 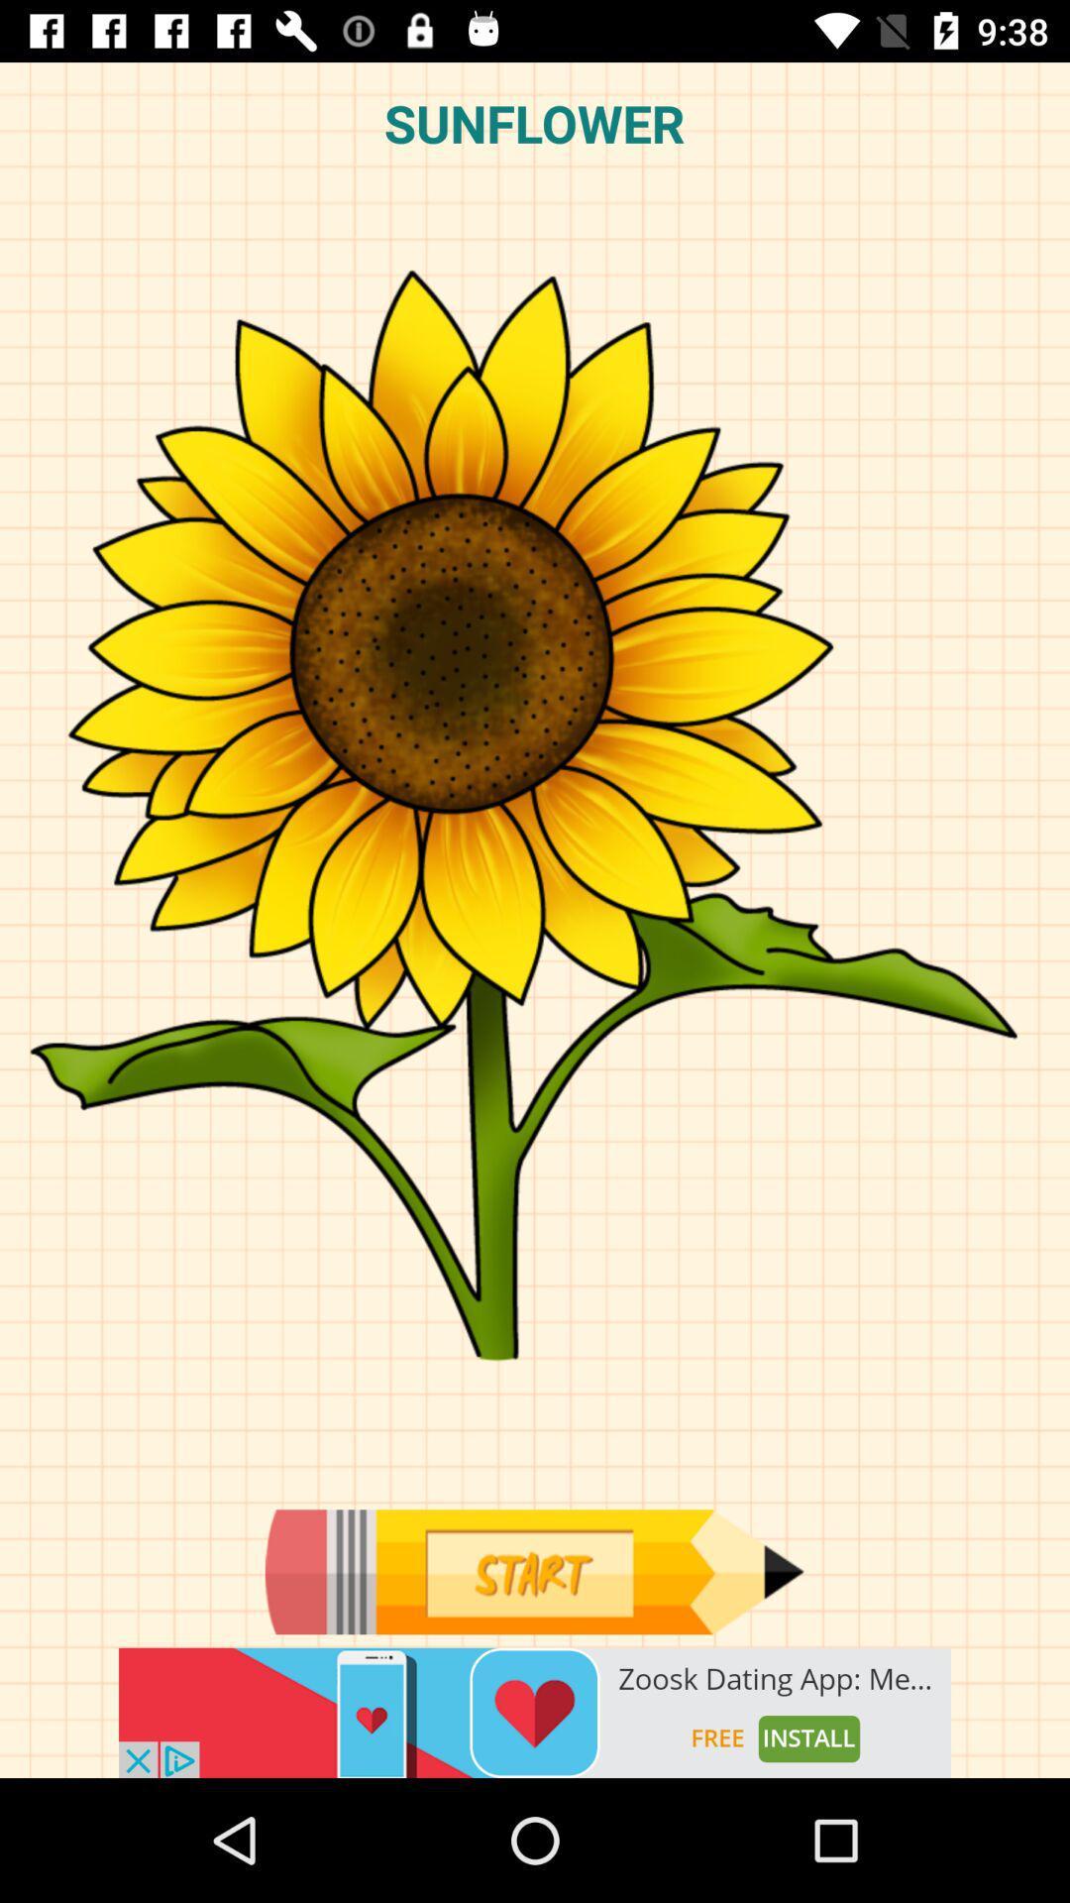 I want to click on advertisement website, so click(x=535, y=1712).